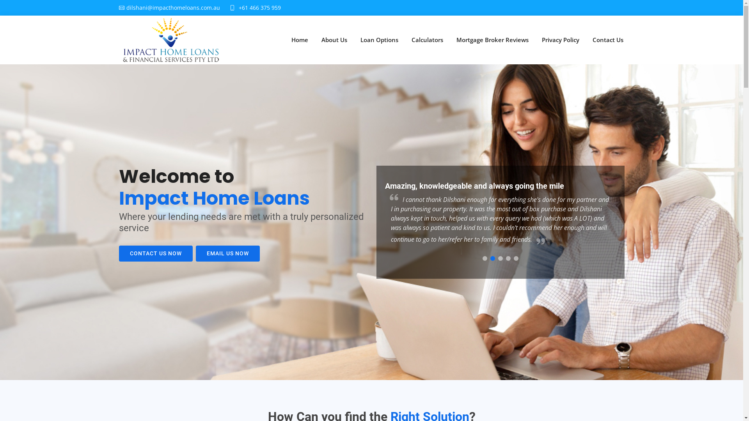  What do you see at coordinates (196, 253) in the screenshot?
I see `'EMAIL US NOW'` at bounding box center [196, 253].